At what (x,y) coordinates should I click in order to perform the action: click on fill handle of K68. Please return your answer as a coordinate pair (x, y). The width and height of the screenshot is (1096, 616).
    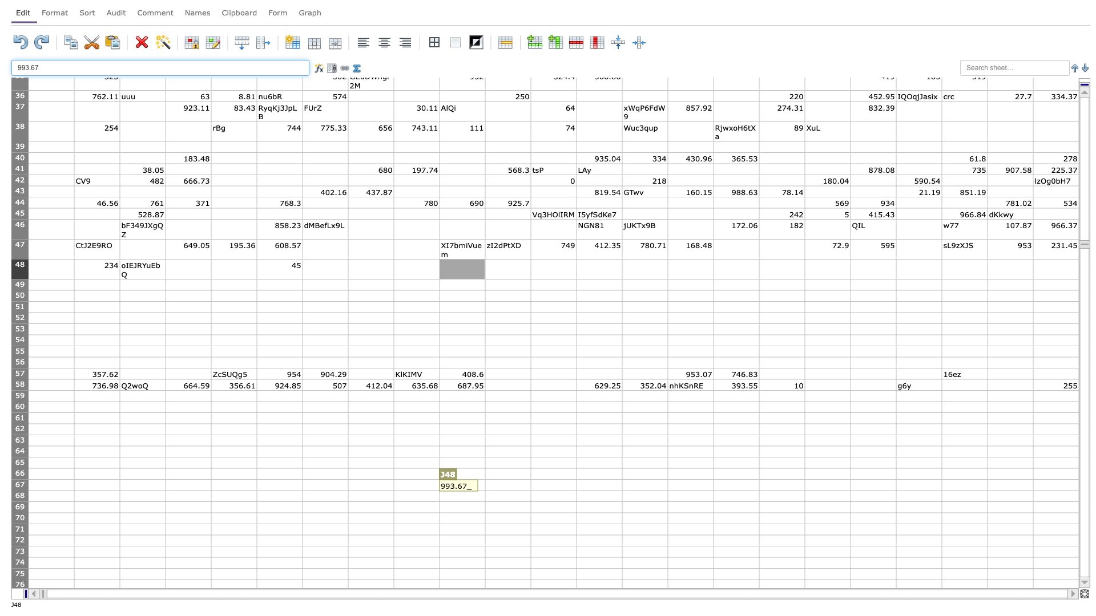
    Looking at the image, I should click on (530, 501).